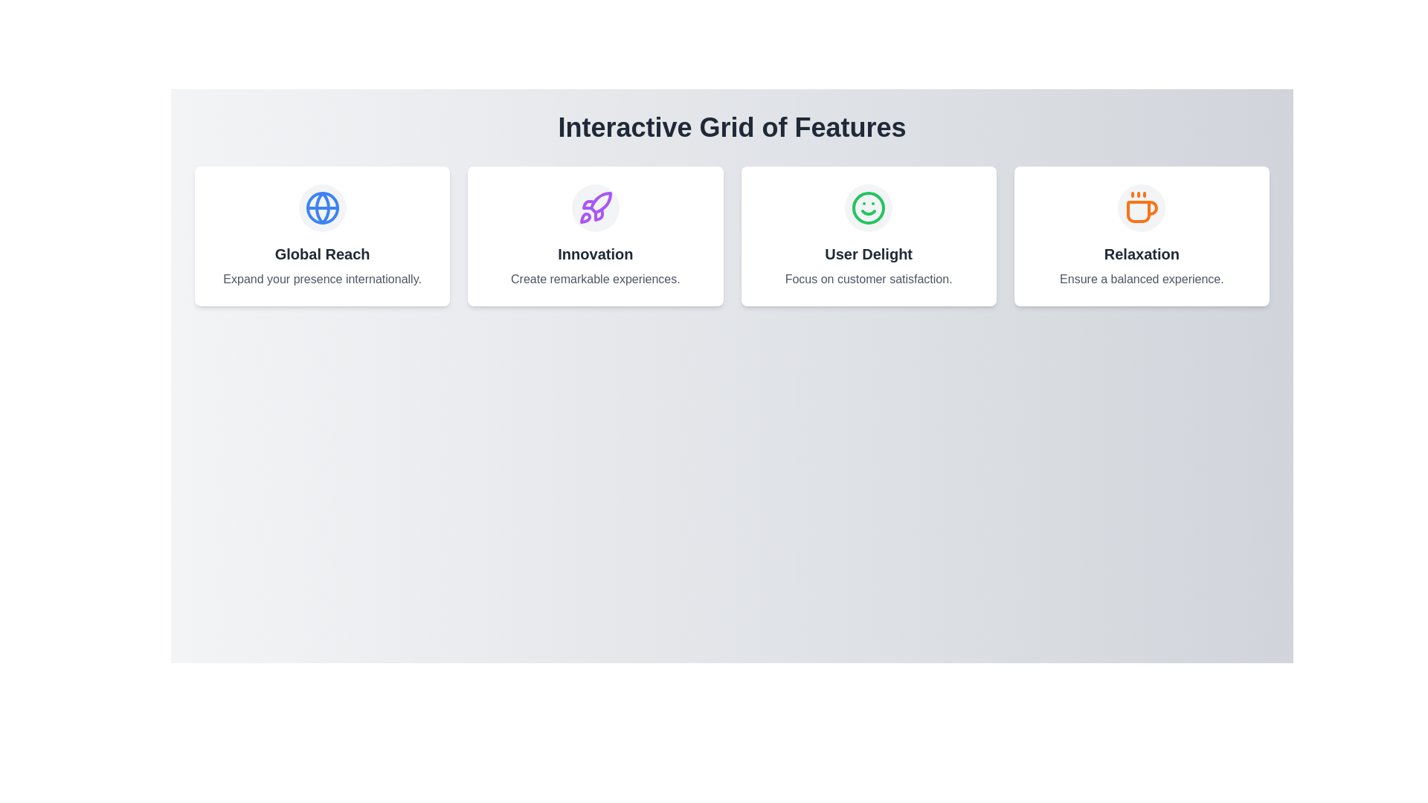  What do you see at coordinates (869, 279) in the screenshot?
I see `the text displaying 'Focus on customer satisfaction.' located below the heading 'User Delight' within the third card in a horizontal arrangement of four cards` at bounding box center [869, 279].